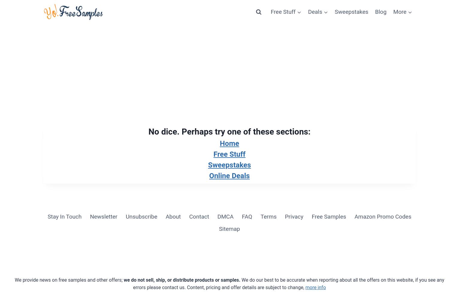 Image resolution: width=459 pixels, height=299 pixels. I want to click on 'Terms', so click(268, 216).